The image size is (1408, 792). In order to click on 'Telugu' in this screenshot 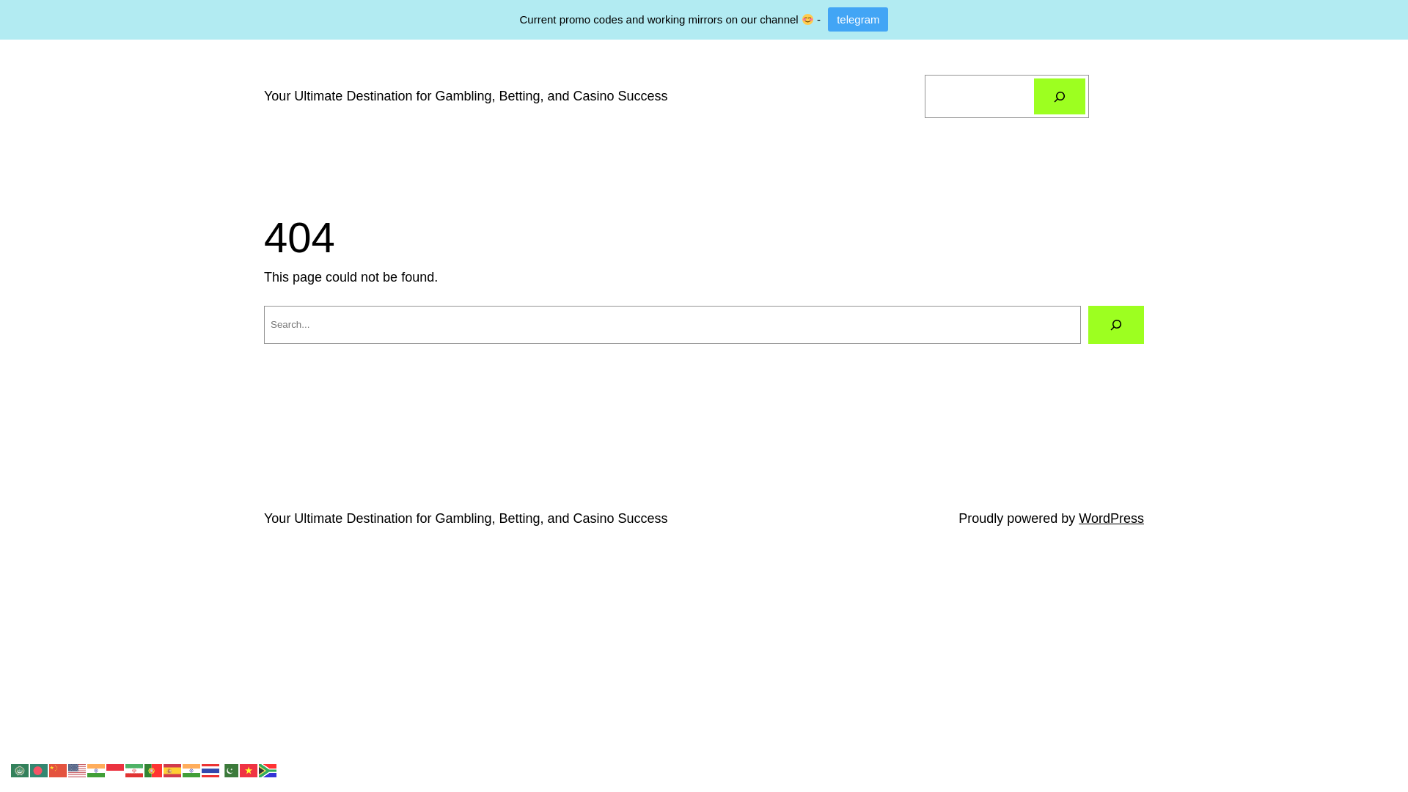, I will do `click(182, 769)`.